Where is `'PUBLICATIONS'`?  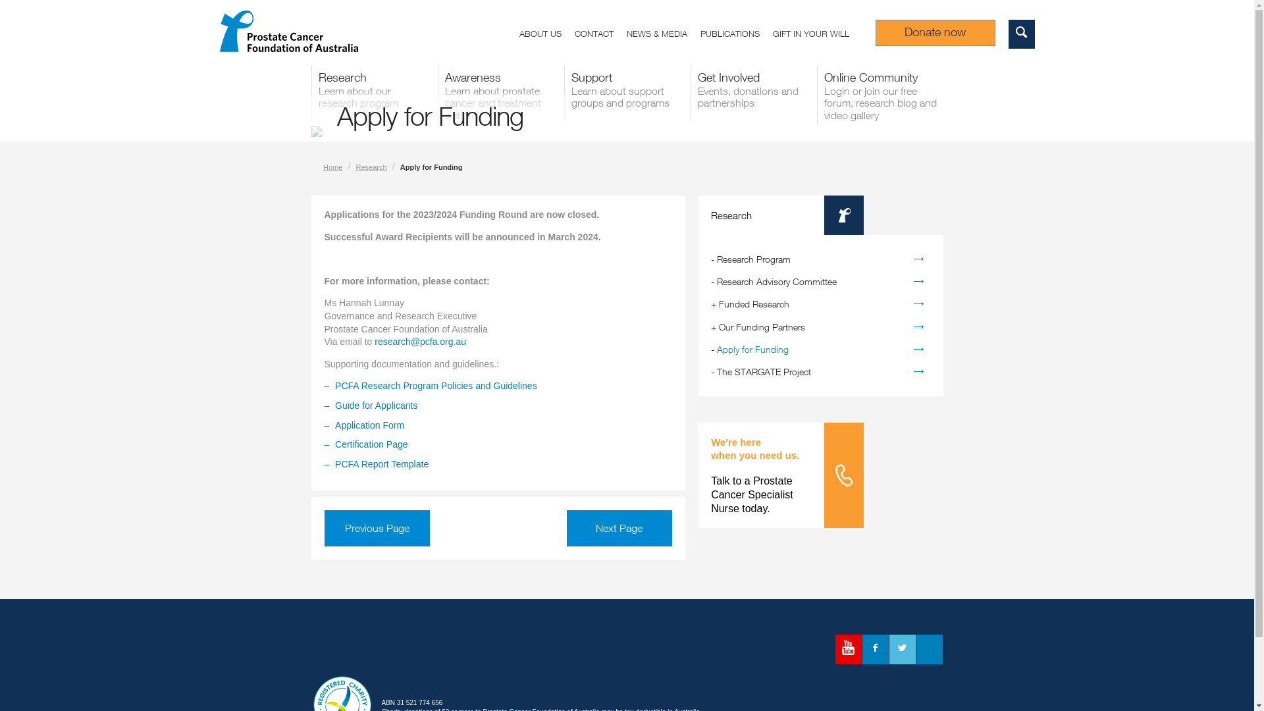
'PUBLICATIONS' is located at coordinates (735, 35).